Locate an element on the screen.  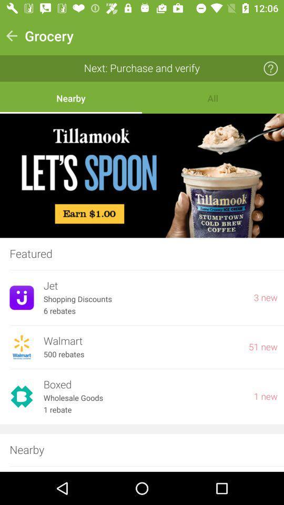
item next to the 51 new item is located at coordinates (141, 340).